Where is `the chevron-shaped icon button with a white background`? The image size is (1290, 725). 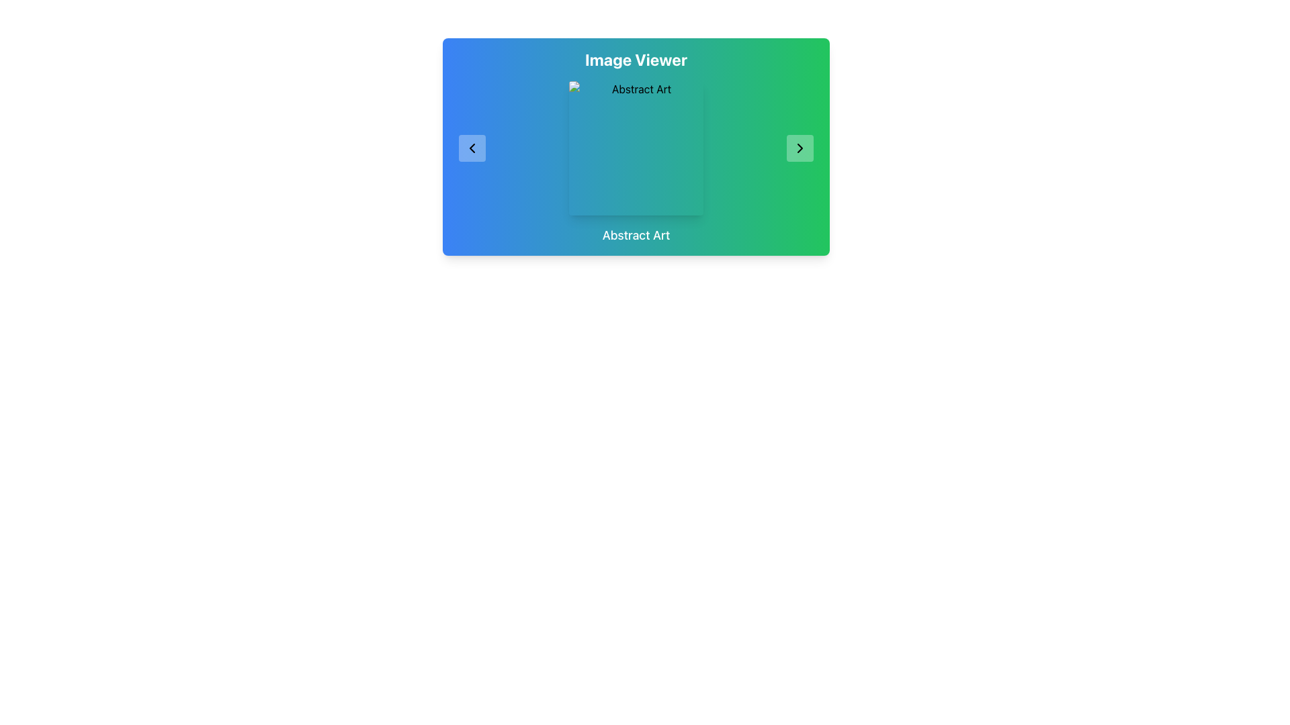
the chevron-shaped icon button with a white background is located at coordinates (472, 148).